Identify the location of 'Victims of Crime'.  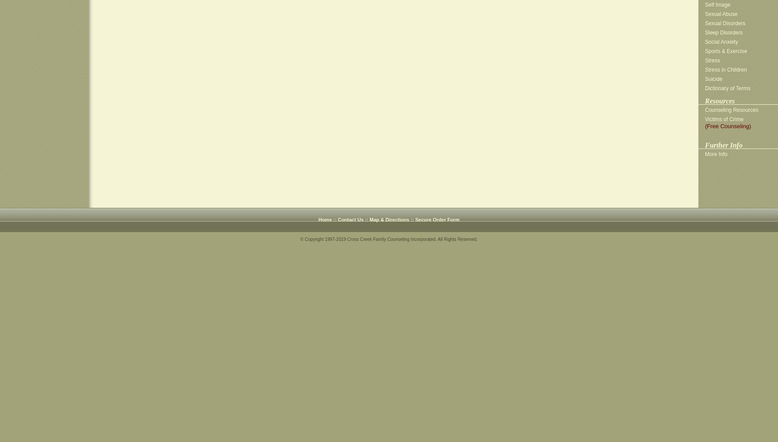
(724, 119).